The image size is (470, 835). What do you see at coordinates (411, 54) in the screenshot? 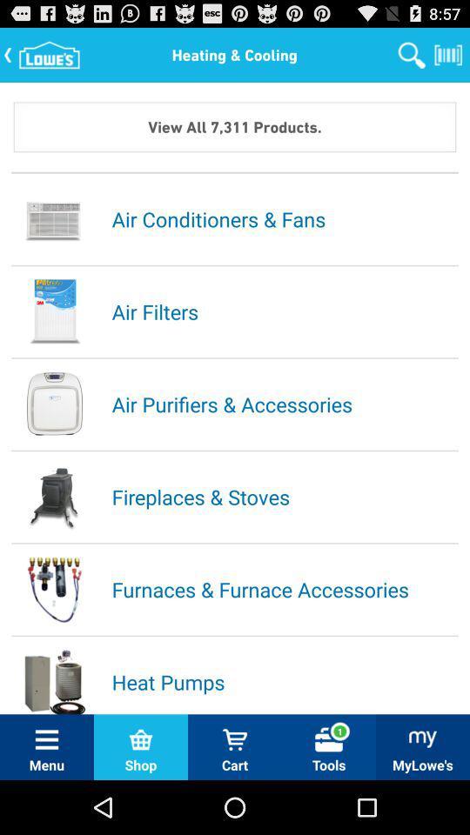
I see `the item to the right of the heating & cooling icon` at bounding box center [411, 54].